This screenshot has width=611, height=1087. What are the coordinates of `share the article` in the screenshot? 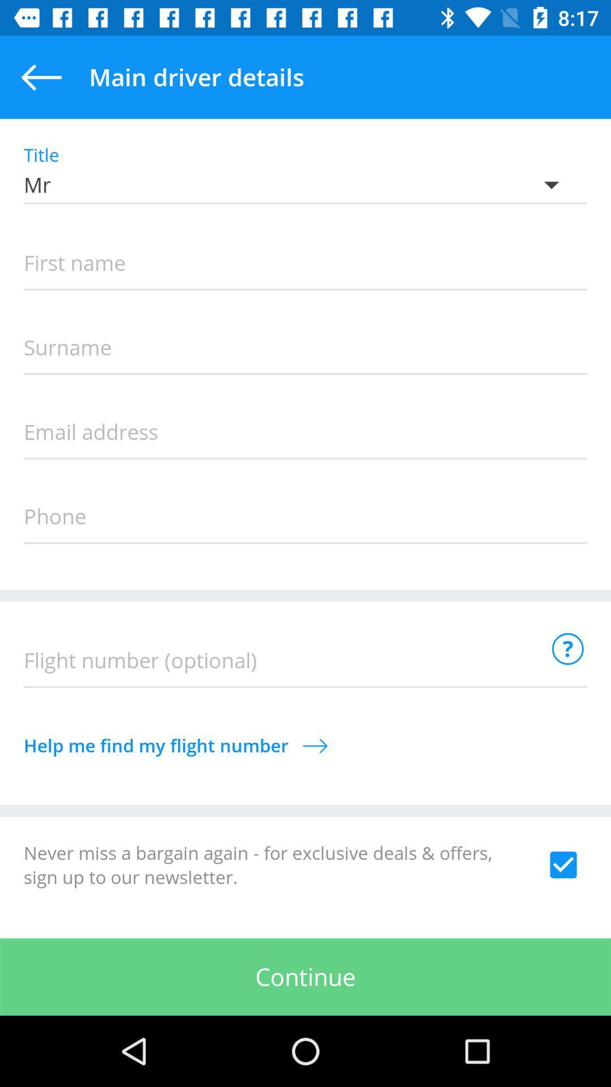 It's located at (563, 864).